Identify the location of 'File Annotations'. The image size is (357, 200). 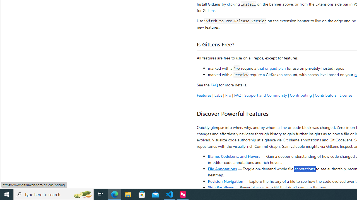
(222, 168).